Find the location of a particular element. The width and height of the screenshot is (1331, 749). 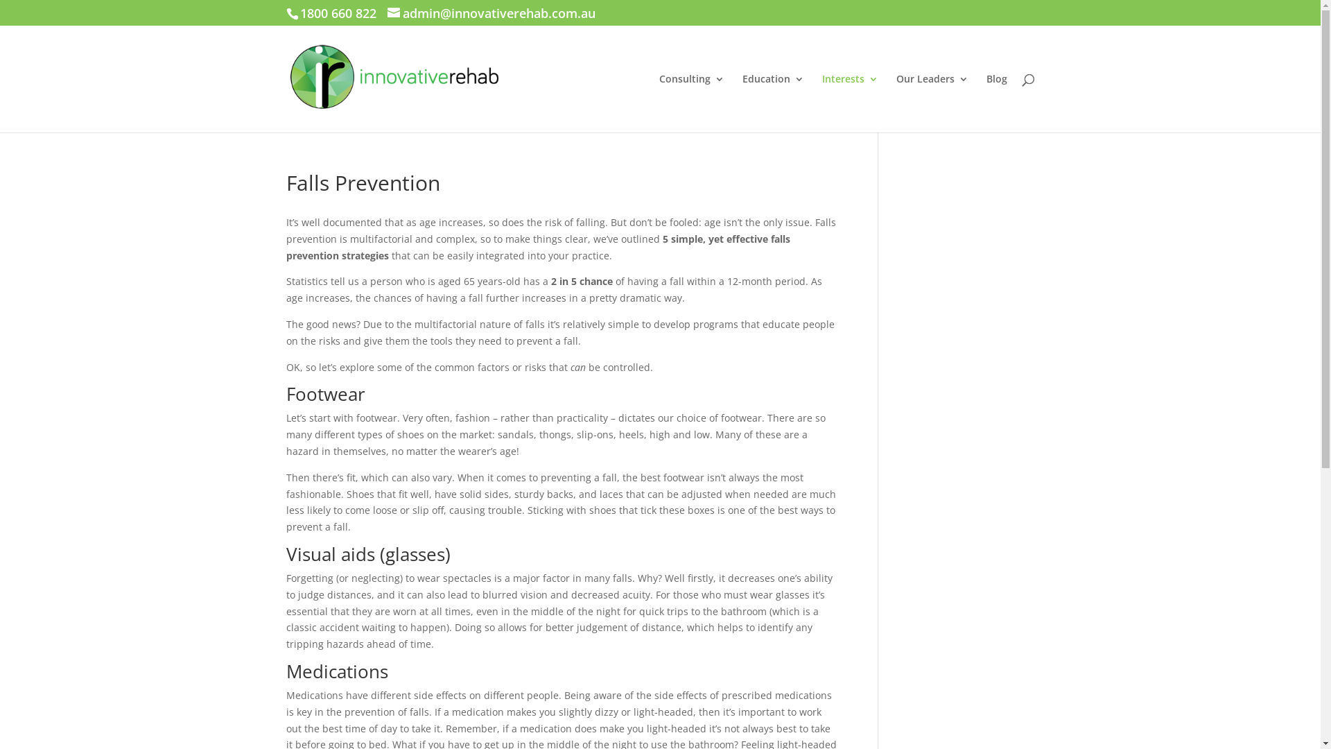

'Blog' is located at coordinates (995, 103).